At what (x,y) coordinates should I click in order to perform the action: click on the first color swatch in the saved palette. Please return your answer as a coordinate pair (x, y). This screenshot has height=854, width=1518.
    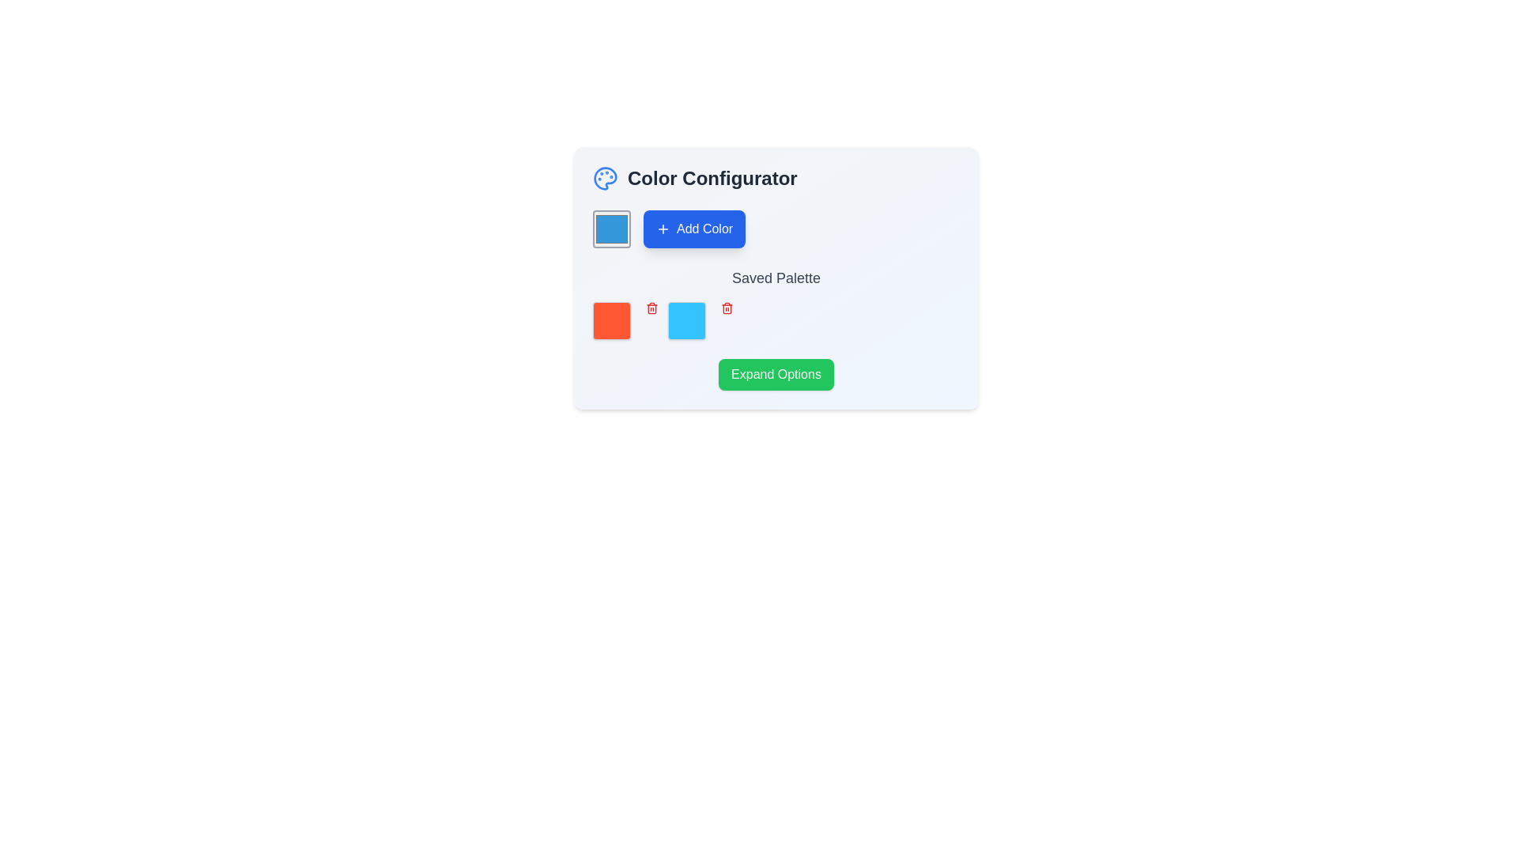
    Looking at the image, I should click on (610, 320).